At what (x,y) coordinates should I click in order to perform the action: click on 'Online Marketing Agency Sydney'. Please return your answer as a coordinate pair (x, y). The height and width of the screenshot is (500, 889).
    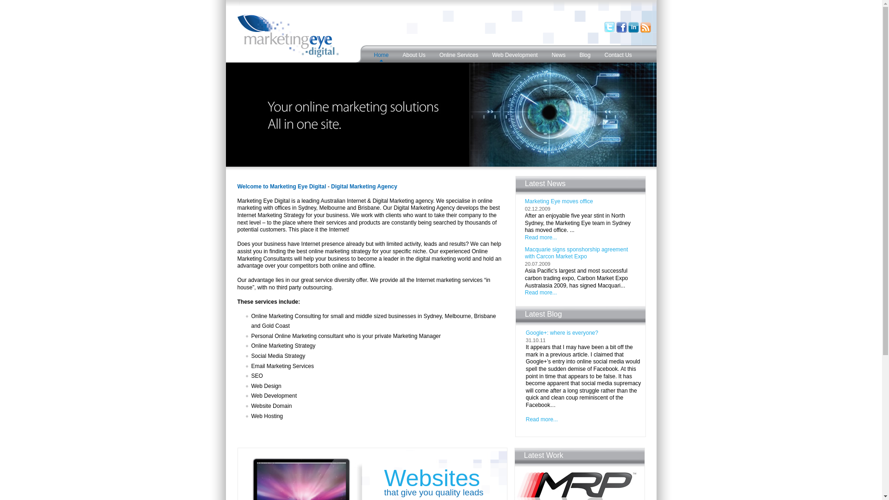
    Looking at the image, I should click on (441, 114).